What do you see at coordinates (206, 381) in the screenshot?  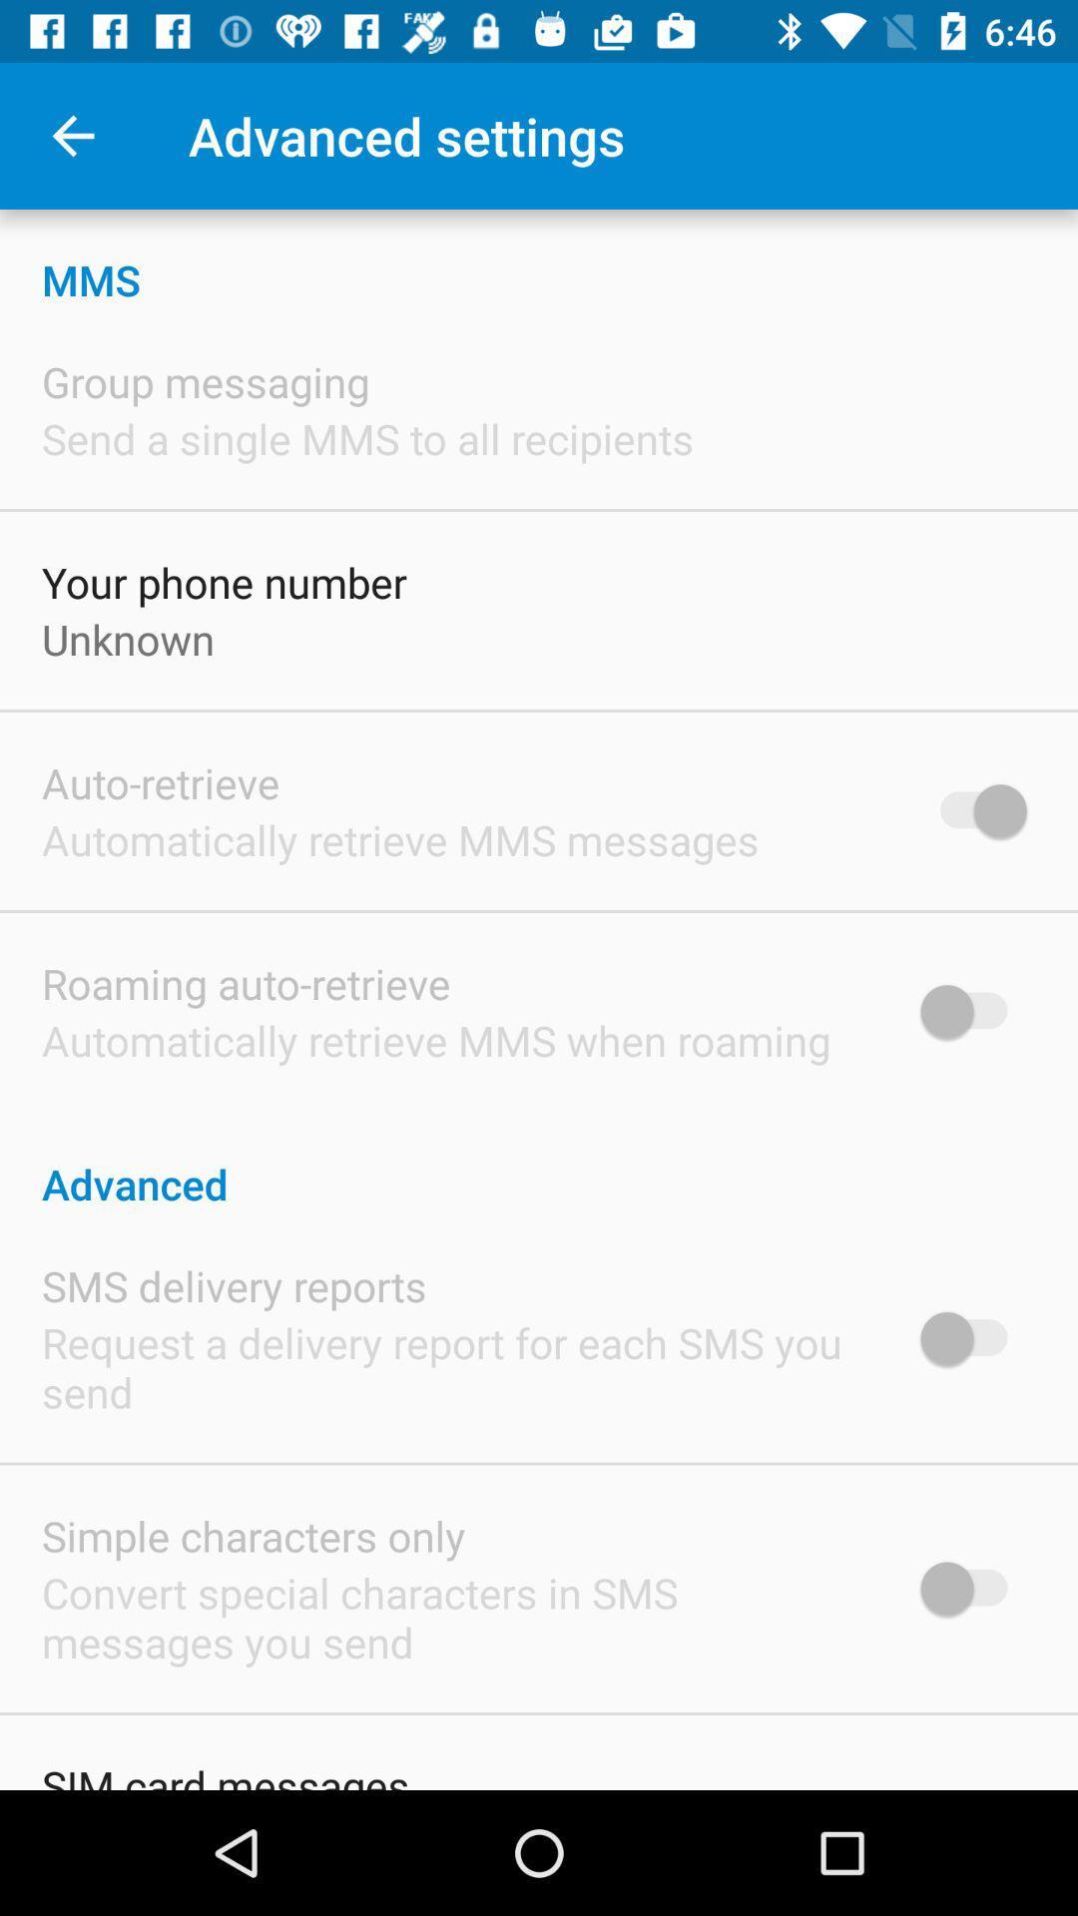 I see `item above send a single item` at bounding box center [206, 381].